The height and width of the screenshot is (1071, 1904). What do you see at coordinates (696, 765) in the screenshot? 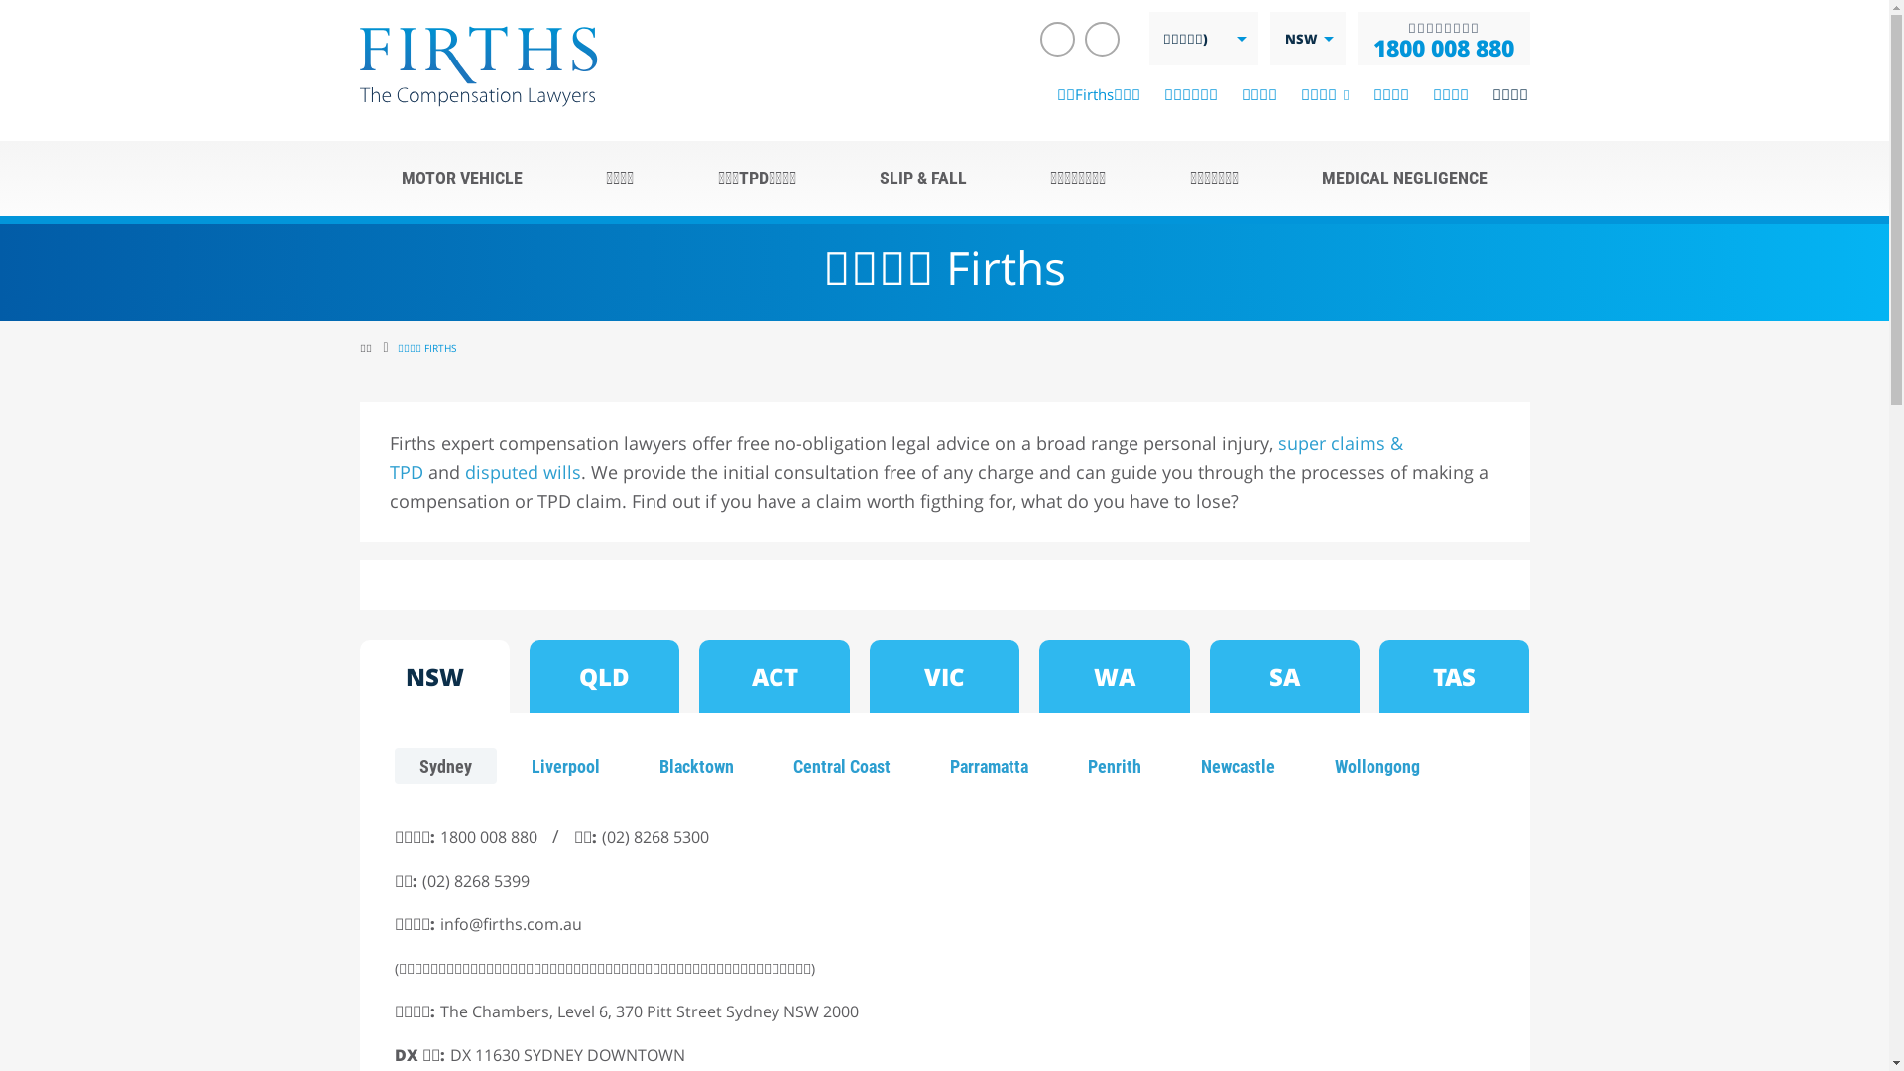
I see `'Blacktown'` at bounding box center [696, 765].